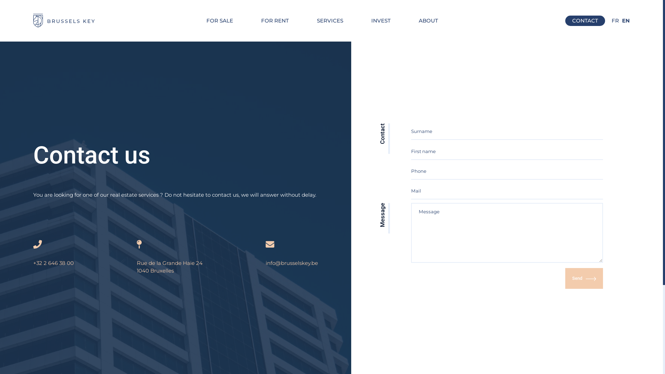 The height and width of the screenshot is (374, 665). What do you see at coordinates (615, 20) in the screenshot?
I see `'FR'` at bounding box center [615, 20].